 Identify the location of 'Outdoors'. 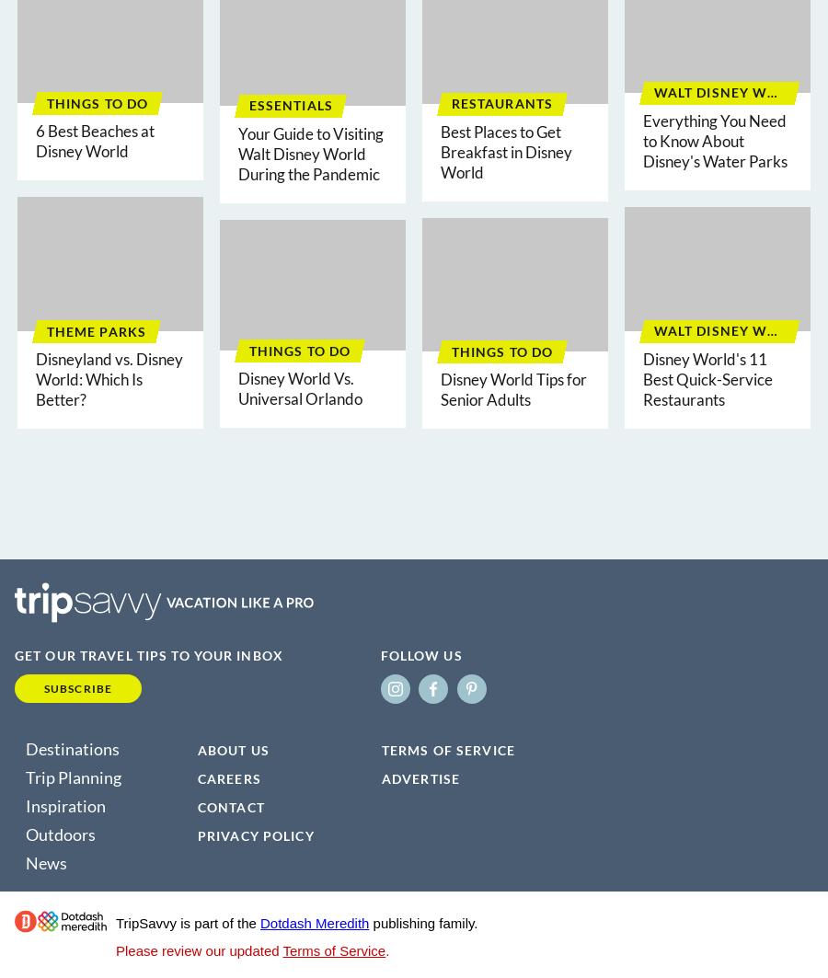
(59, 832).